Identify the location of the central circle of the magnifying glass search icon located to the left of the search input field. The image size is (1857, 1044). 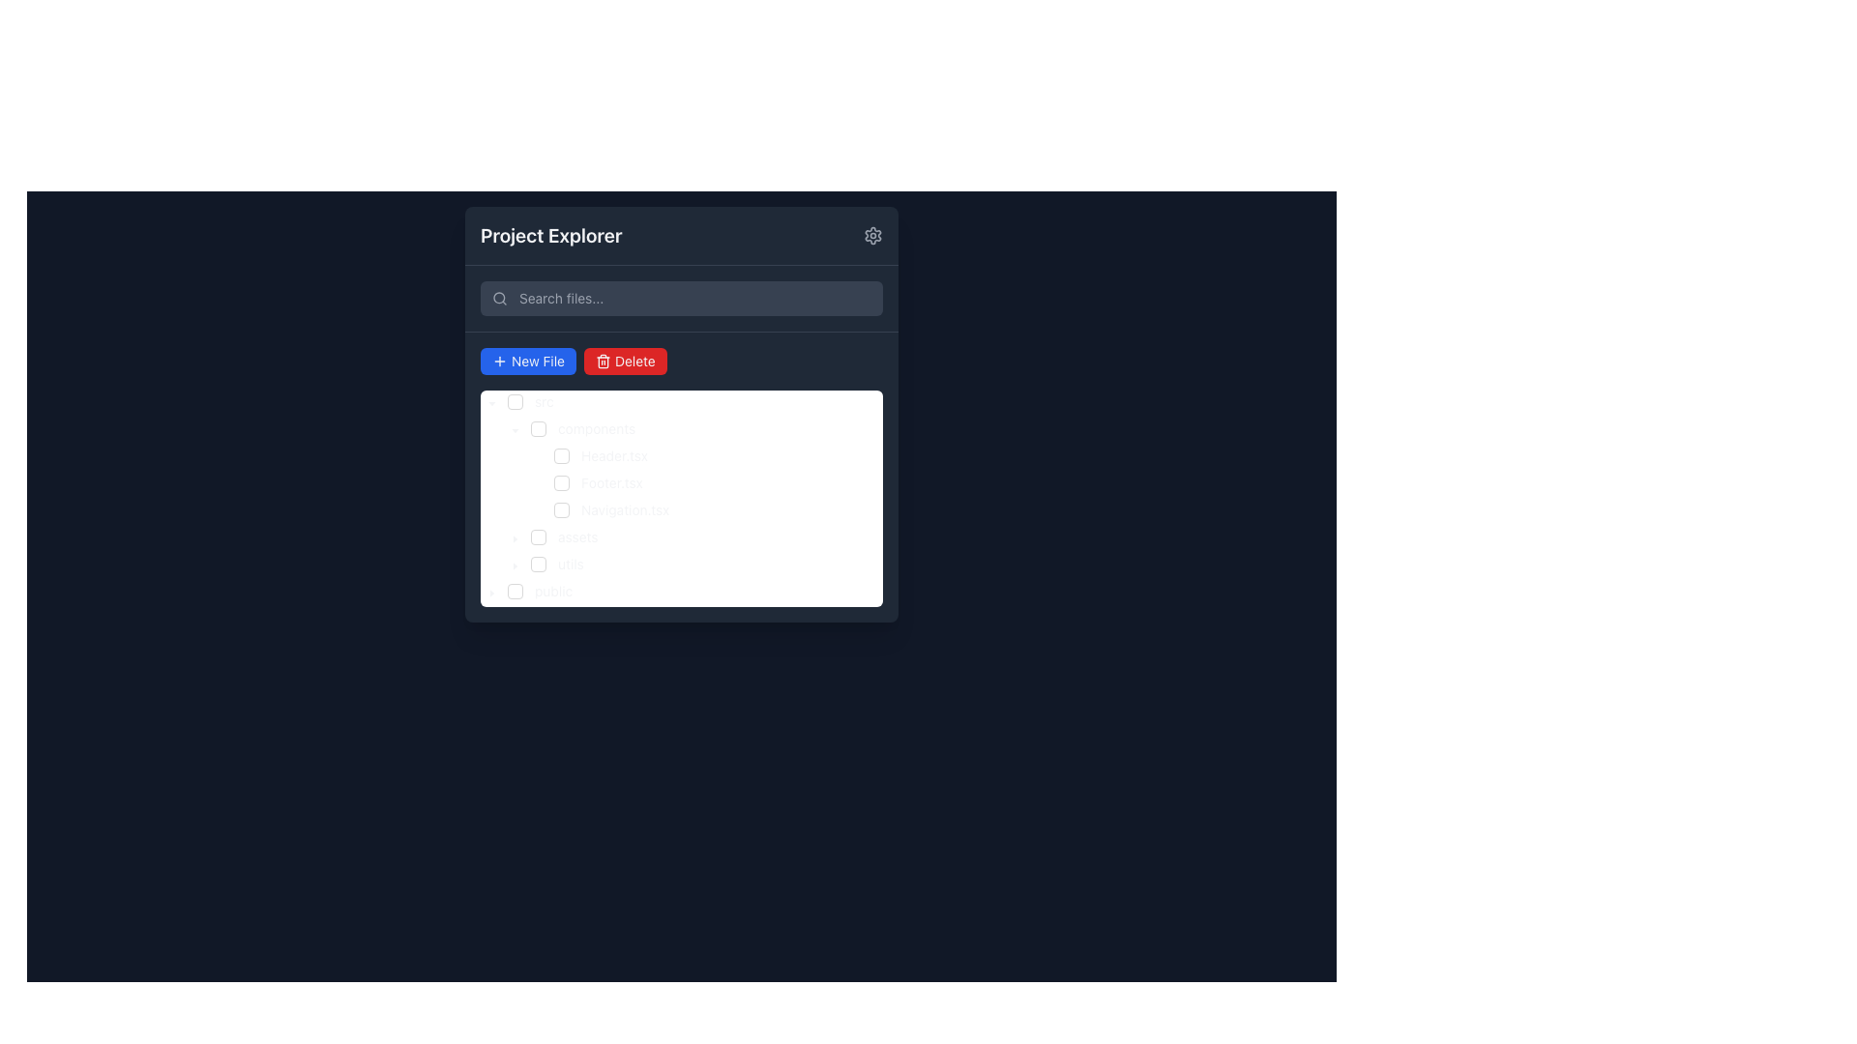
(499, 298).